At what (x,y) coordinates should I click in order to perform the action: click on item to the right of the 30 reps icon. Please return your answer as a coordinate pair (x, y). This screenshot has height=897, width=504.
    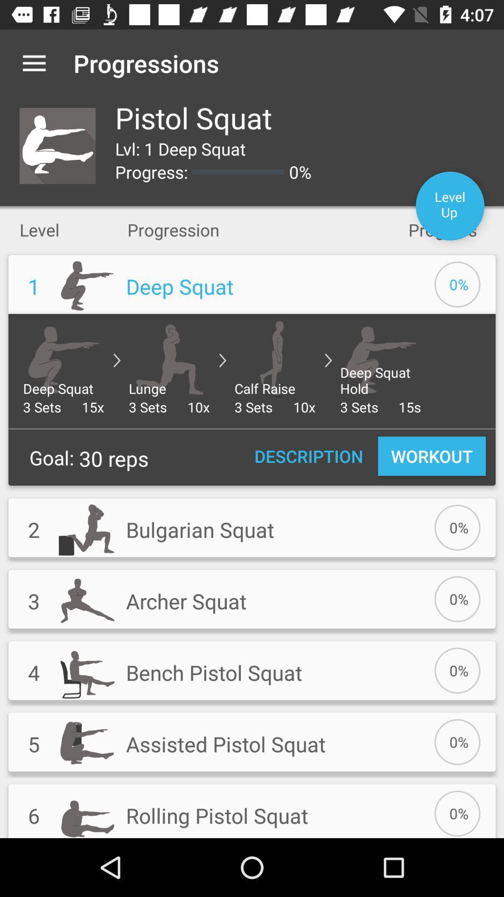
    Looking at the image, I should click on (308, 456).